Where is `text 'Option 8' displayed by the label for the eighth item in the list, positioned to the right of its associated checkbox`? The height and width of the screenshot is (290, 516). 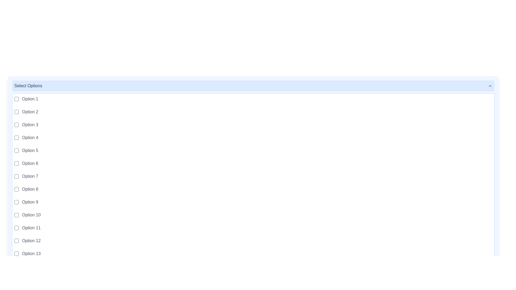
text 'Option 8' displayed by the label for the eighth item in the list, positioned to the right of its associated checkbox is located at coordinates (30, 189).